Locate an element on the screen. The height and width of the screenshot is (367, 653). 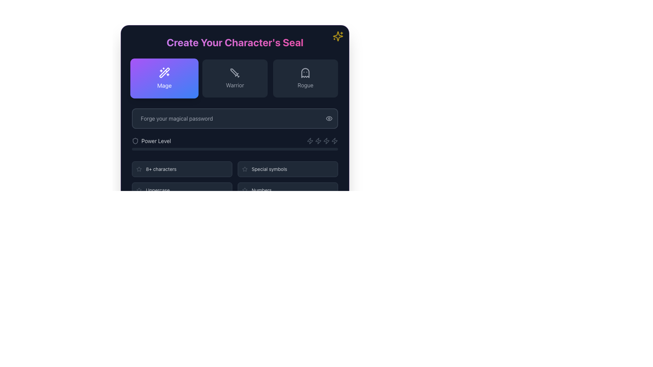
the lightning bolt icon located in the top-right section of the interface is located at coordinates (310, 141).